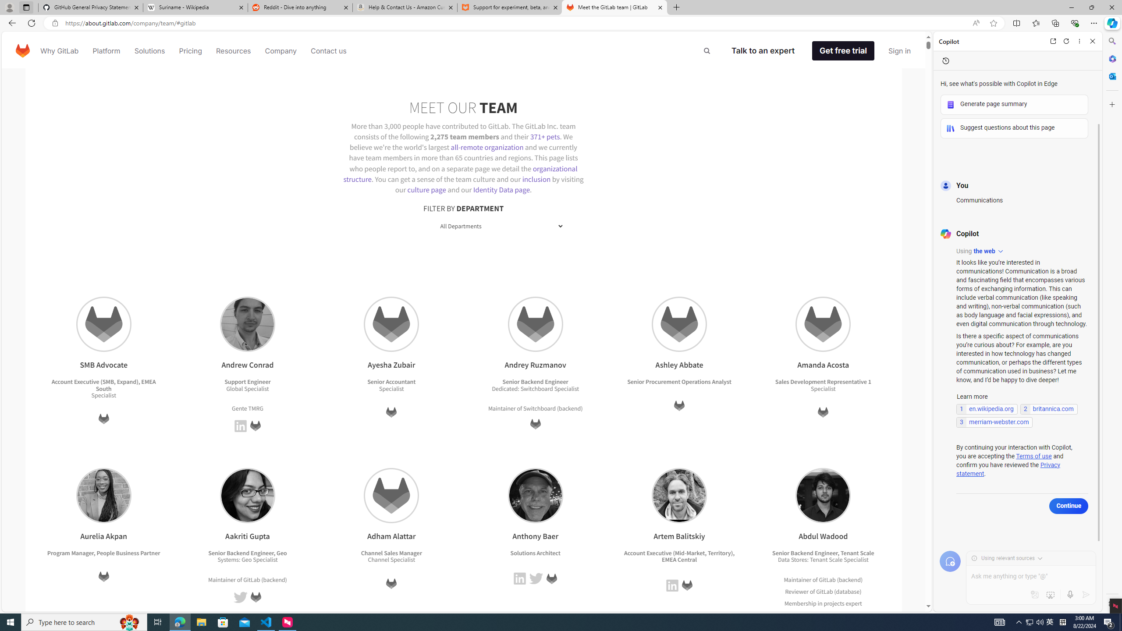 The width and height of the screenshot is (1122, 631). I want to click on 'Meet the GitLab team | GitLab', so click(614, 7).